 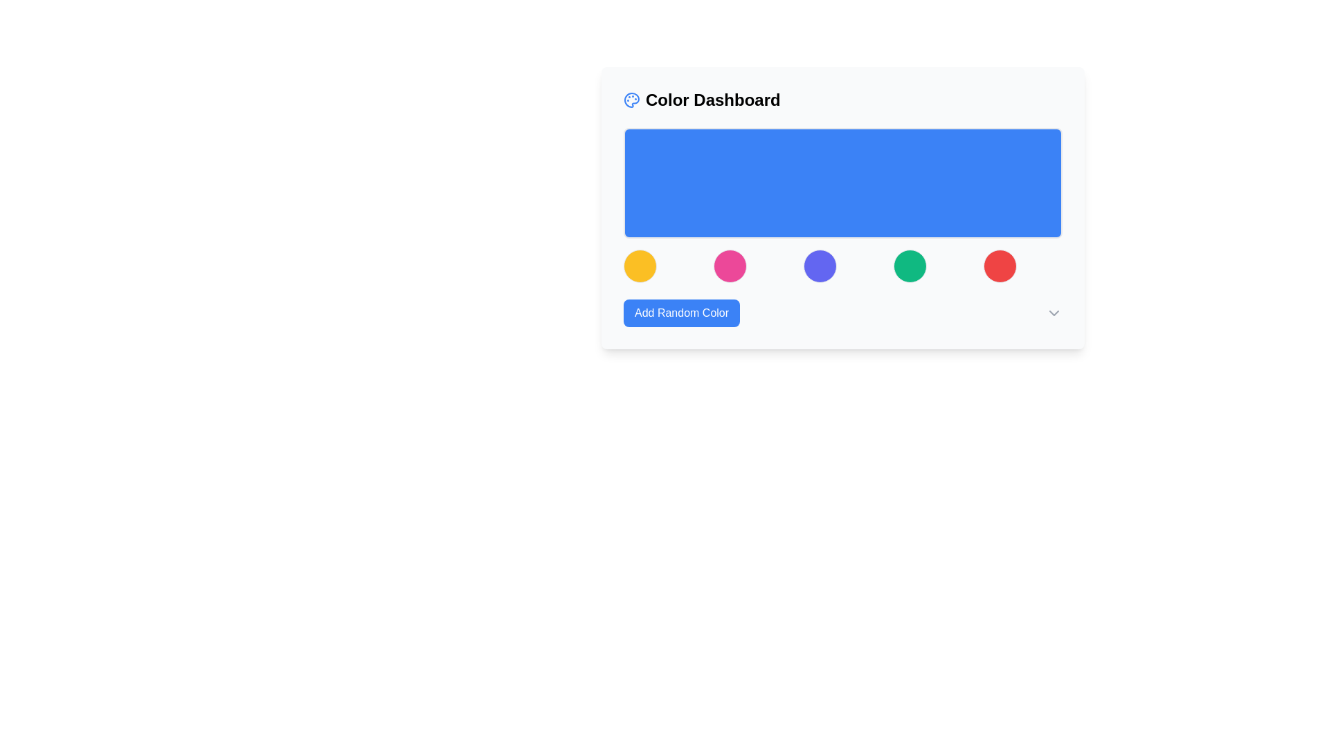 What do you see at coordinates (631, 100) in the screenshot?
I see `the blue palette icon in the header area of the 'Color Dashboard'` at bounding box center [631, 100].